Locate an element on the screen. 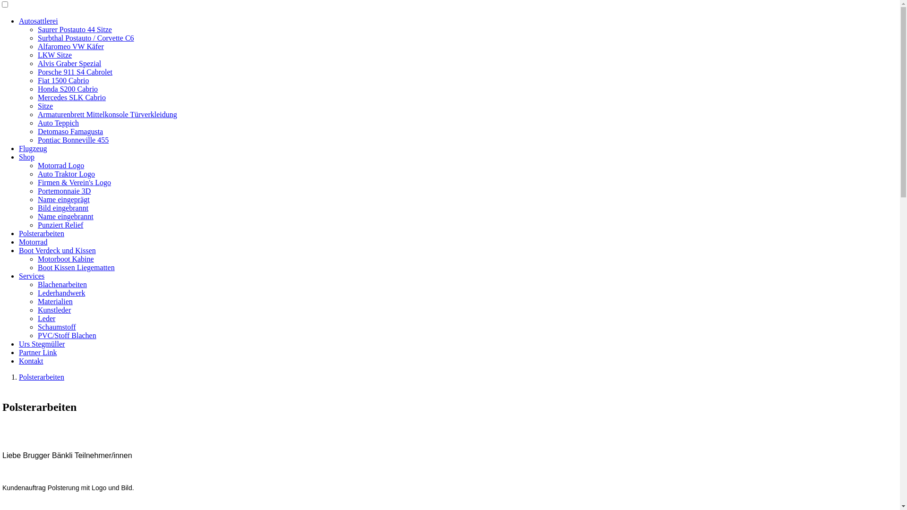  'Porsche 911 S4 Cabrolet' is located at coordinates (74, 71).